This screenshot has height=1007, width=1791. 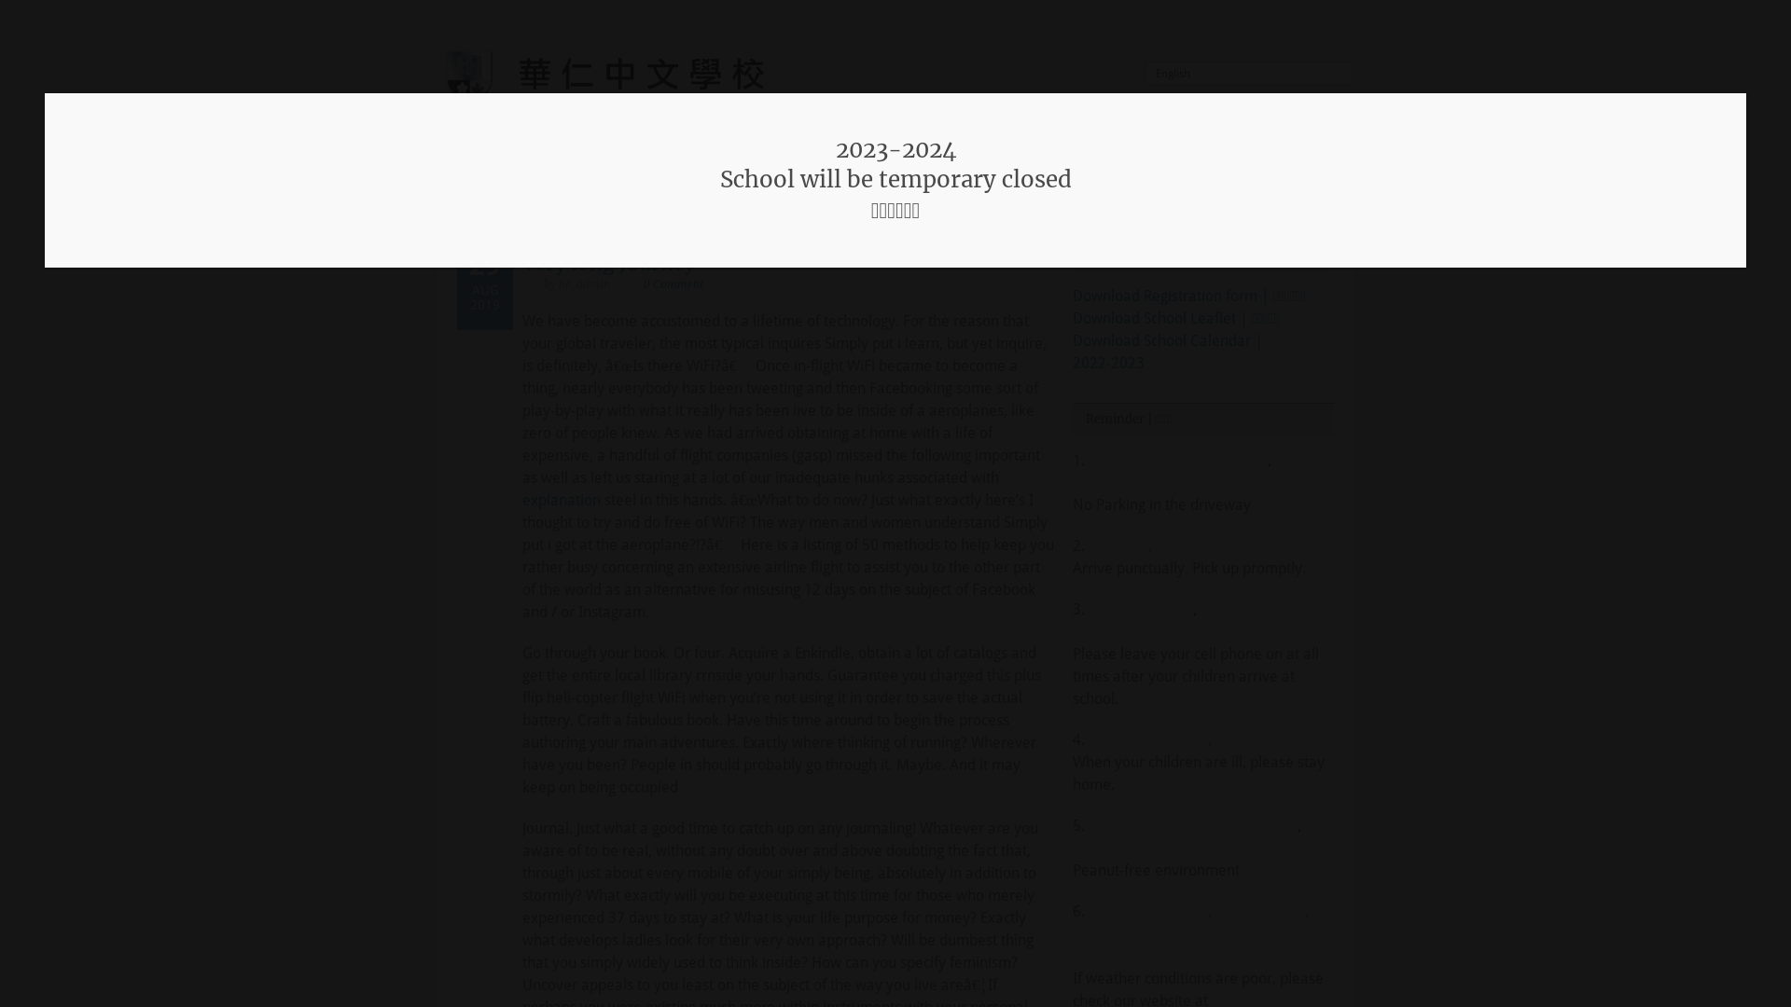 I want to click on 'explanation', so click(x=522, y=499).